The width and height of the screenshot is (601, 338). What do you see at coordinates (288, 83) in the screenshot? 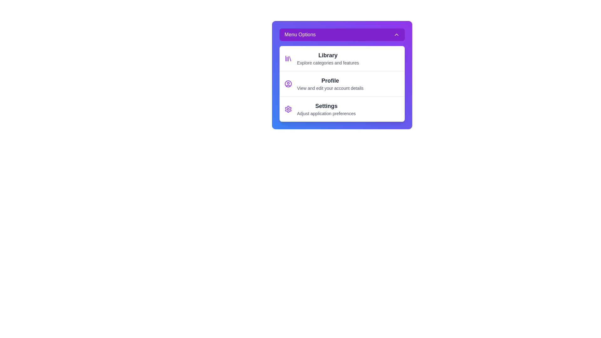
I see `the user profile icon, which is a purple circular icon with a head and shoulders depiction, located in the second row labeled 'Profile' within the menu` at bounding box center [288, 83].